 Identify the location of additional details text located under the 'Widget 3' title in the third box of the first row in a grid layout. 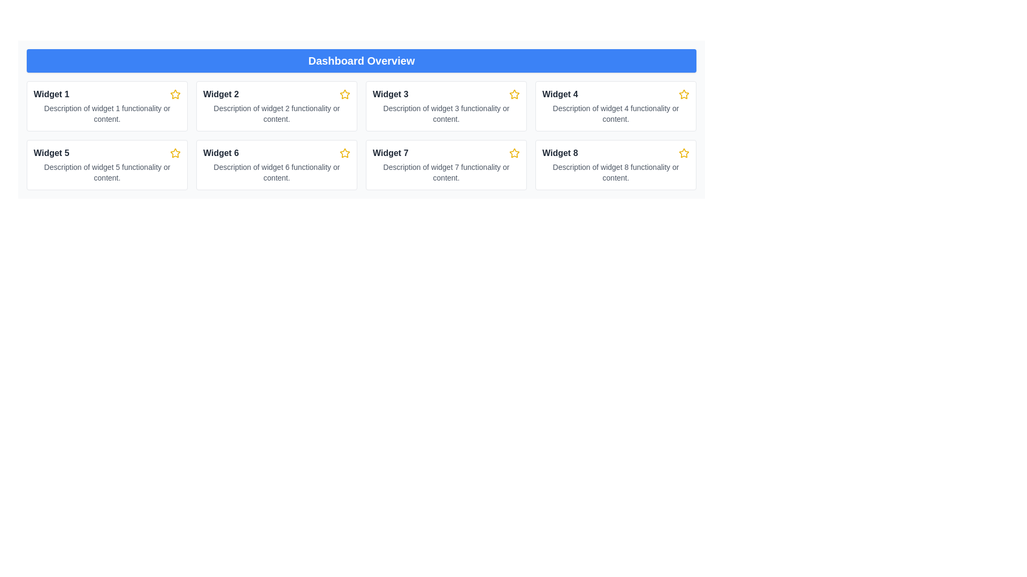
(446, 113).